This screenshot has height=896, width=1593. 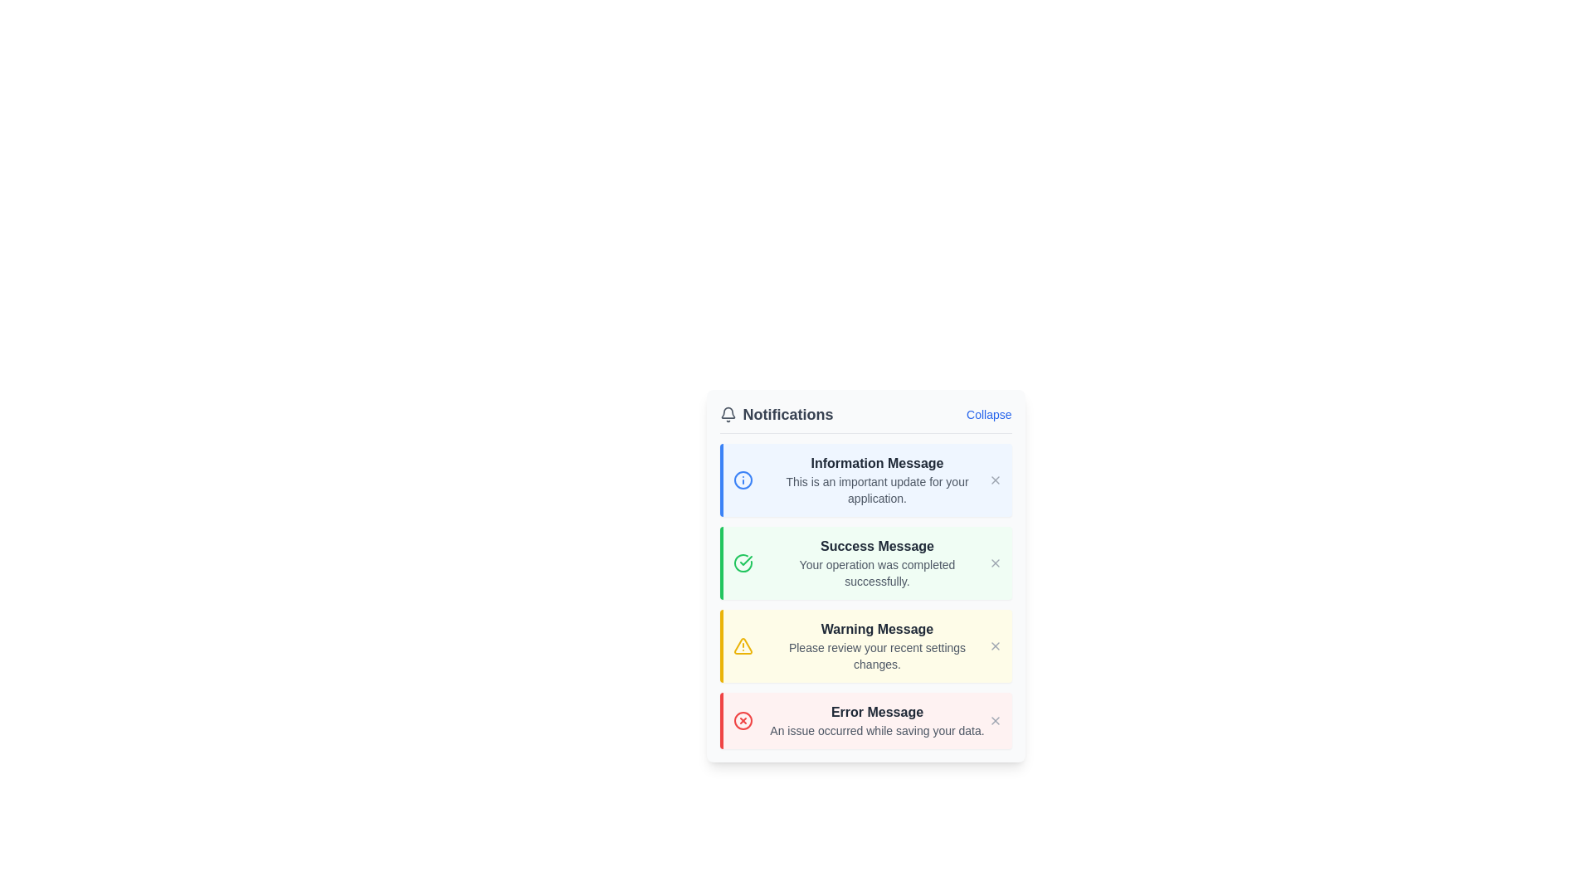 I want to click on the informational notification component that contains the message 'Information Message' and the description 'This is an important update for your application.', so click(x=865, y=480).